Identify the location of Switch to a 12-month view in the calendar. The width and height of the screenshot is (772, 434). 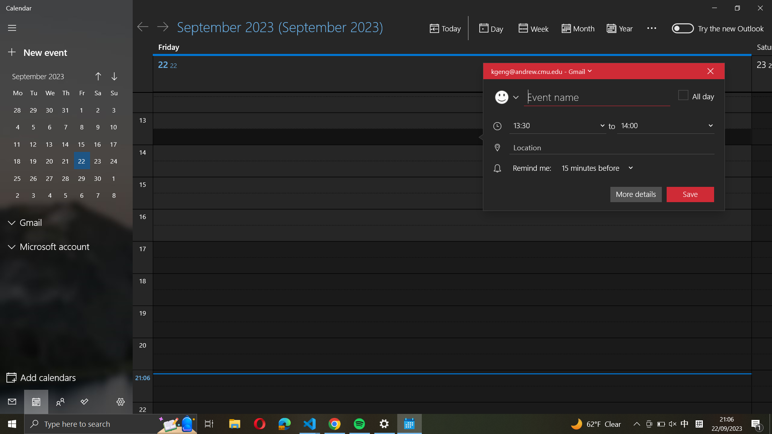
(621, 28).